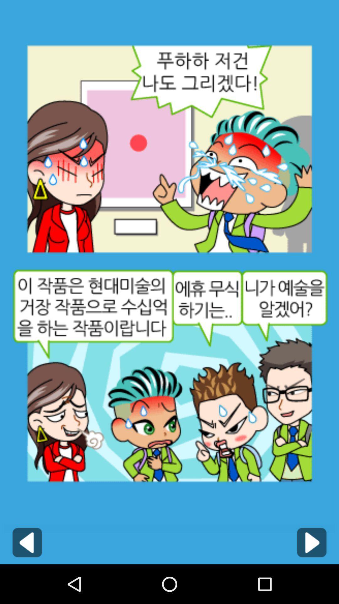  I want to click on next, so click(311, 542).